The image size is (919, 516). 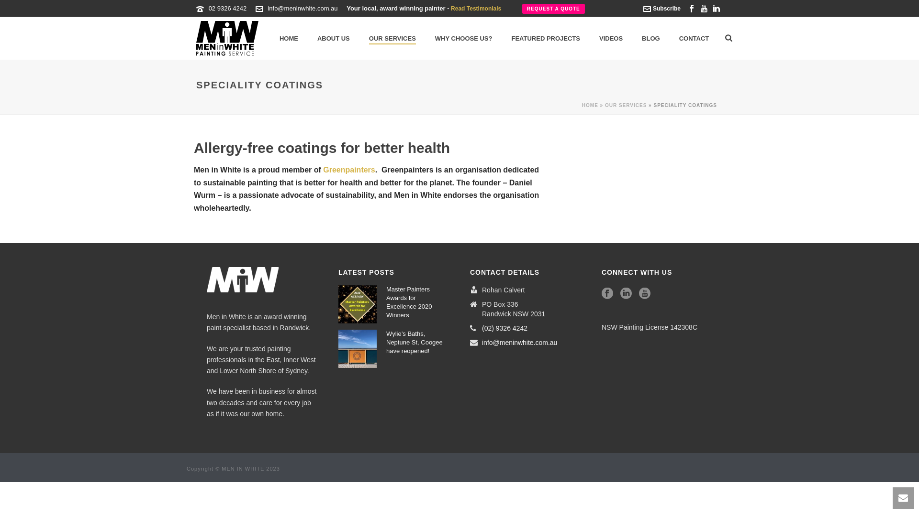 I want to click on 'Your local, award winning, Sydney painter', so click(x=227, y=38).